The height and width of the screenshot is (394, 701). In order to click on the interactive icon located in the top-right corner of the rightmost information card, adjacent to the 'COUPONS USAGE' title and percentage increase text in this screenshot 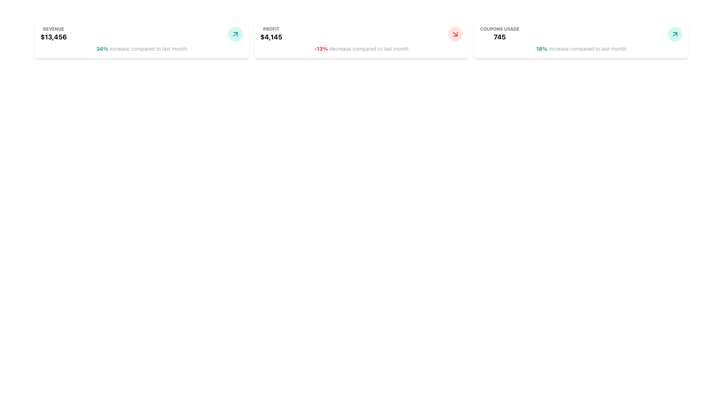, I will do `click(674, 34)`.